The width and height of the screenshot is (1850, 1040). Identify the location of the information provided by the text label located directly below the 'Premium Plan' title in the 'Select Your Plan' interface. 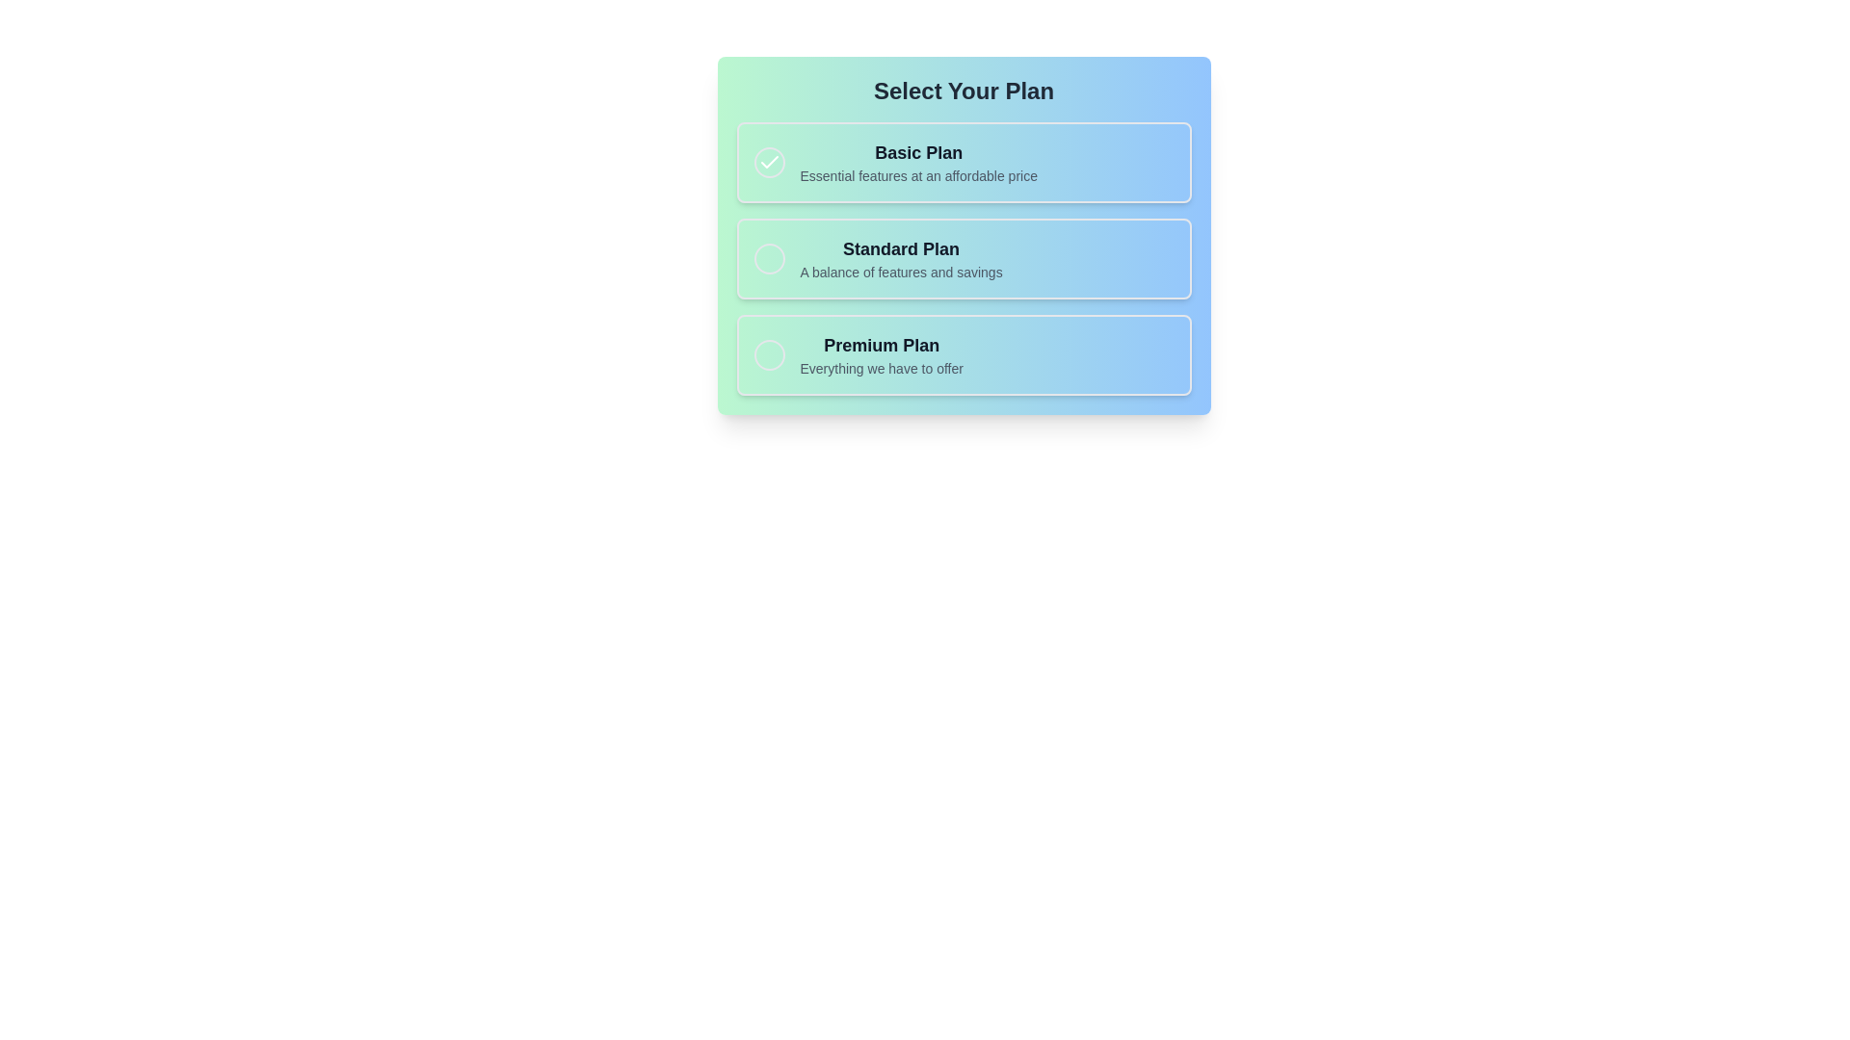
(881, 368).